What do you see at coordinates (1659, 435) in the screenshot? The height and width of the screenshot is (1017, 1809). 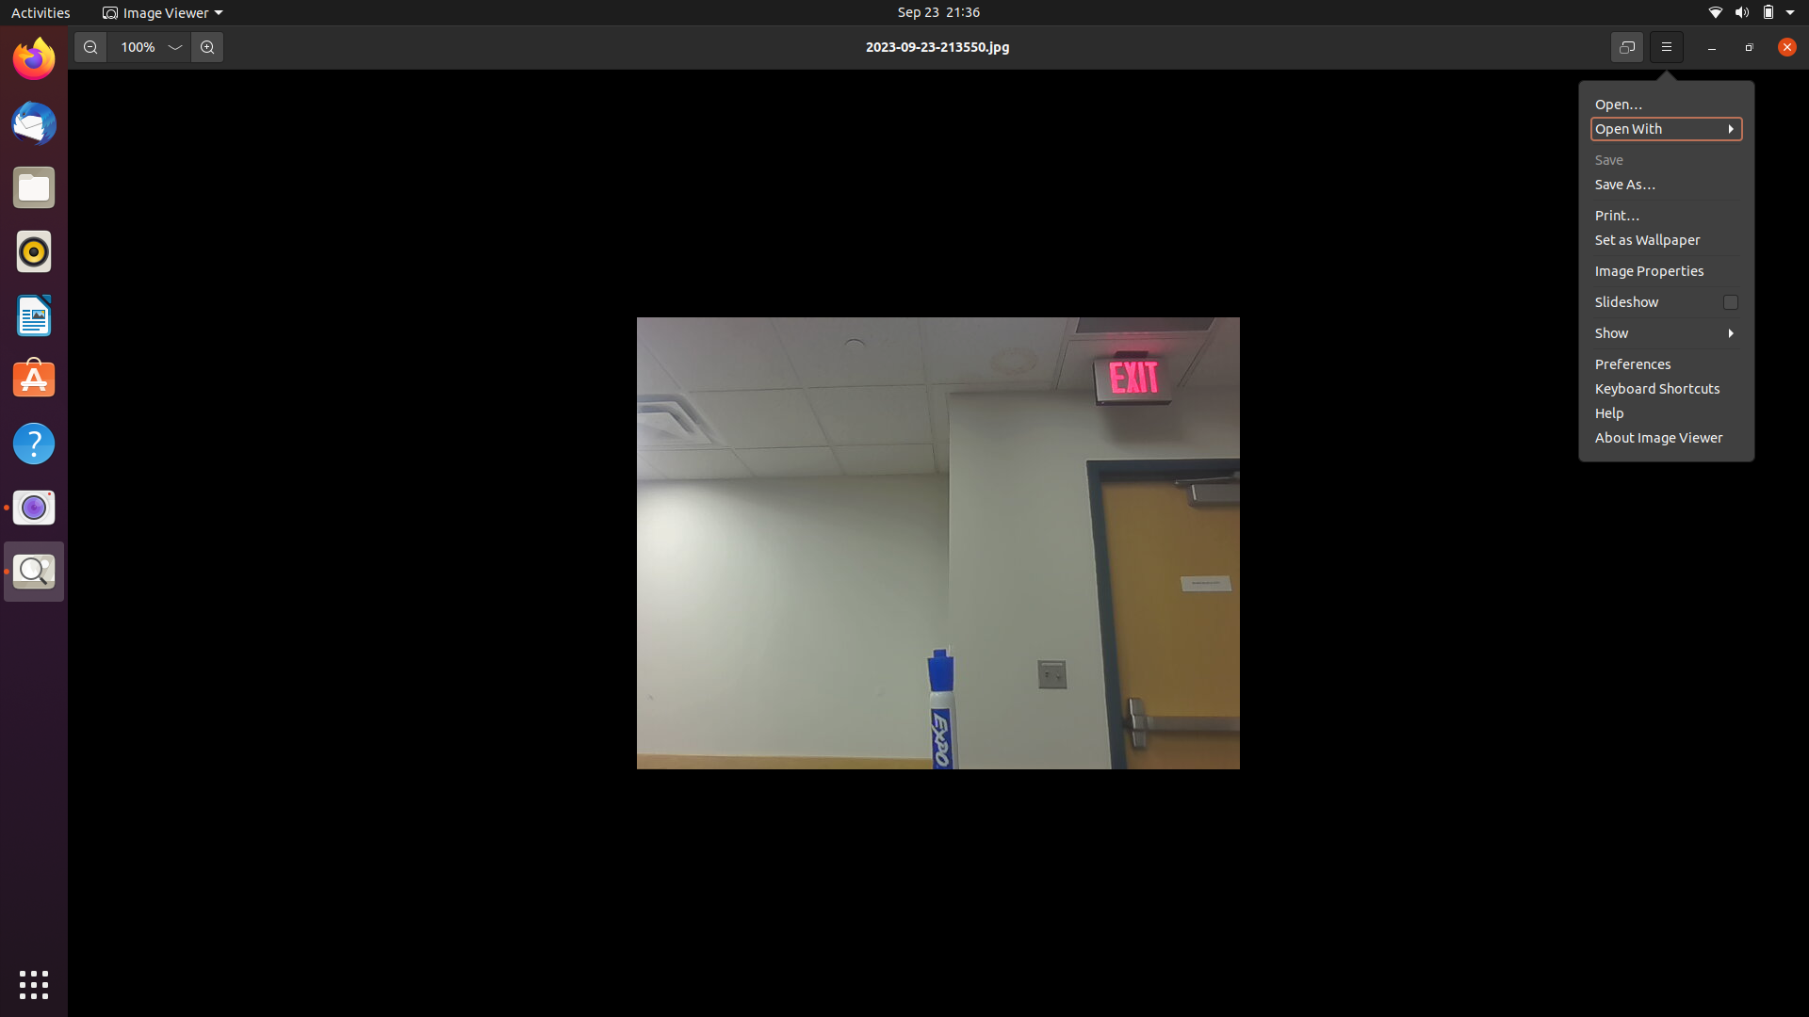 I see `Change the preferences of the image viewer` at bounding box center [1659, 435].